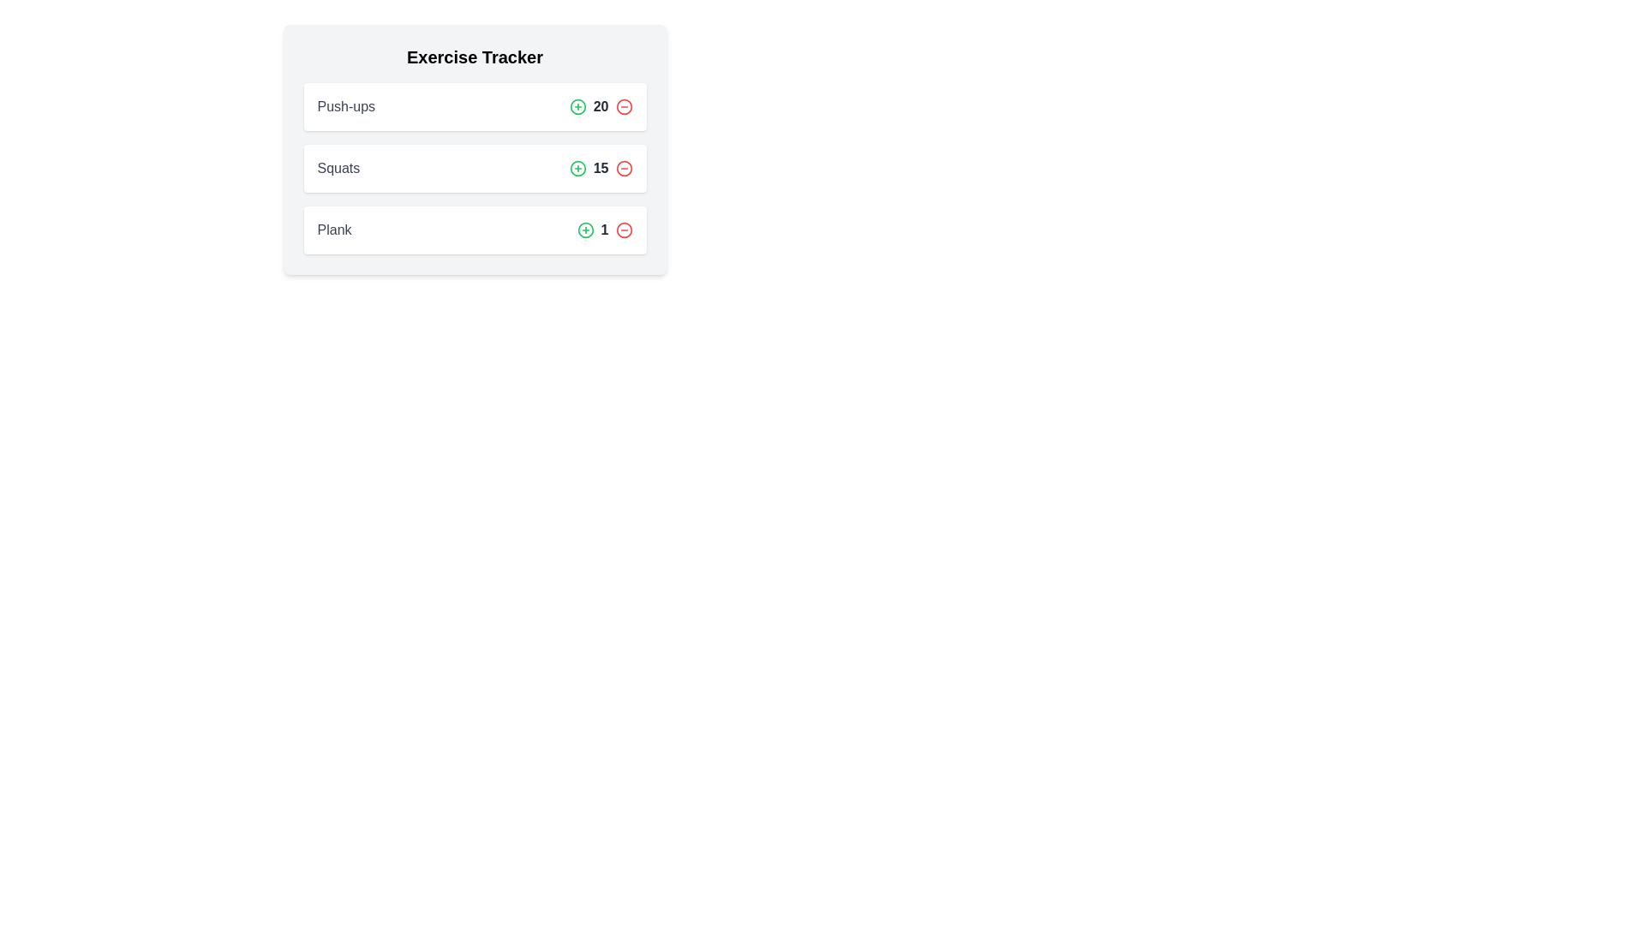 This screenshot has height=925, width=1645. What do you see at coordinates (623, 106) in the screenshot?
I see `the decrease button for the exercise named Push-ups` at bounding box center [623, 106].